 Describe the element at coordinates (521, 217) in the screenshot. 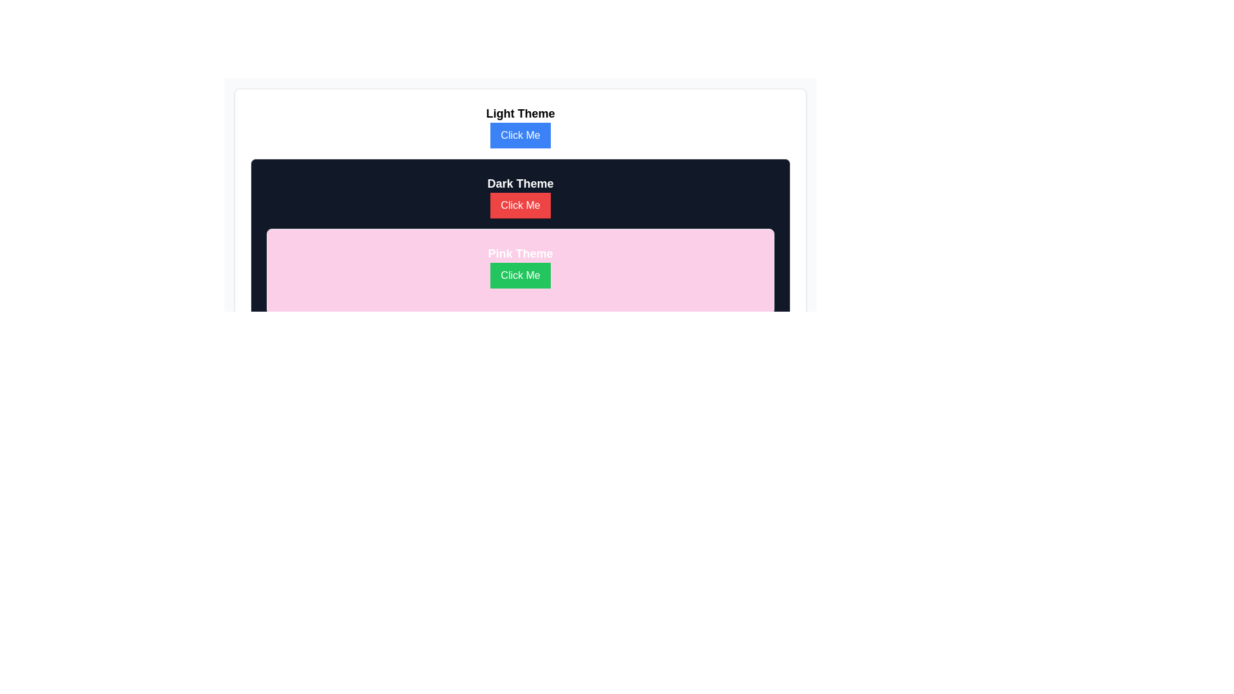

I see `the prominent red button labeled 'Click Me'` at that location.